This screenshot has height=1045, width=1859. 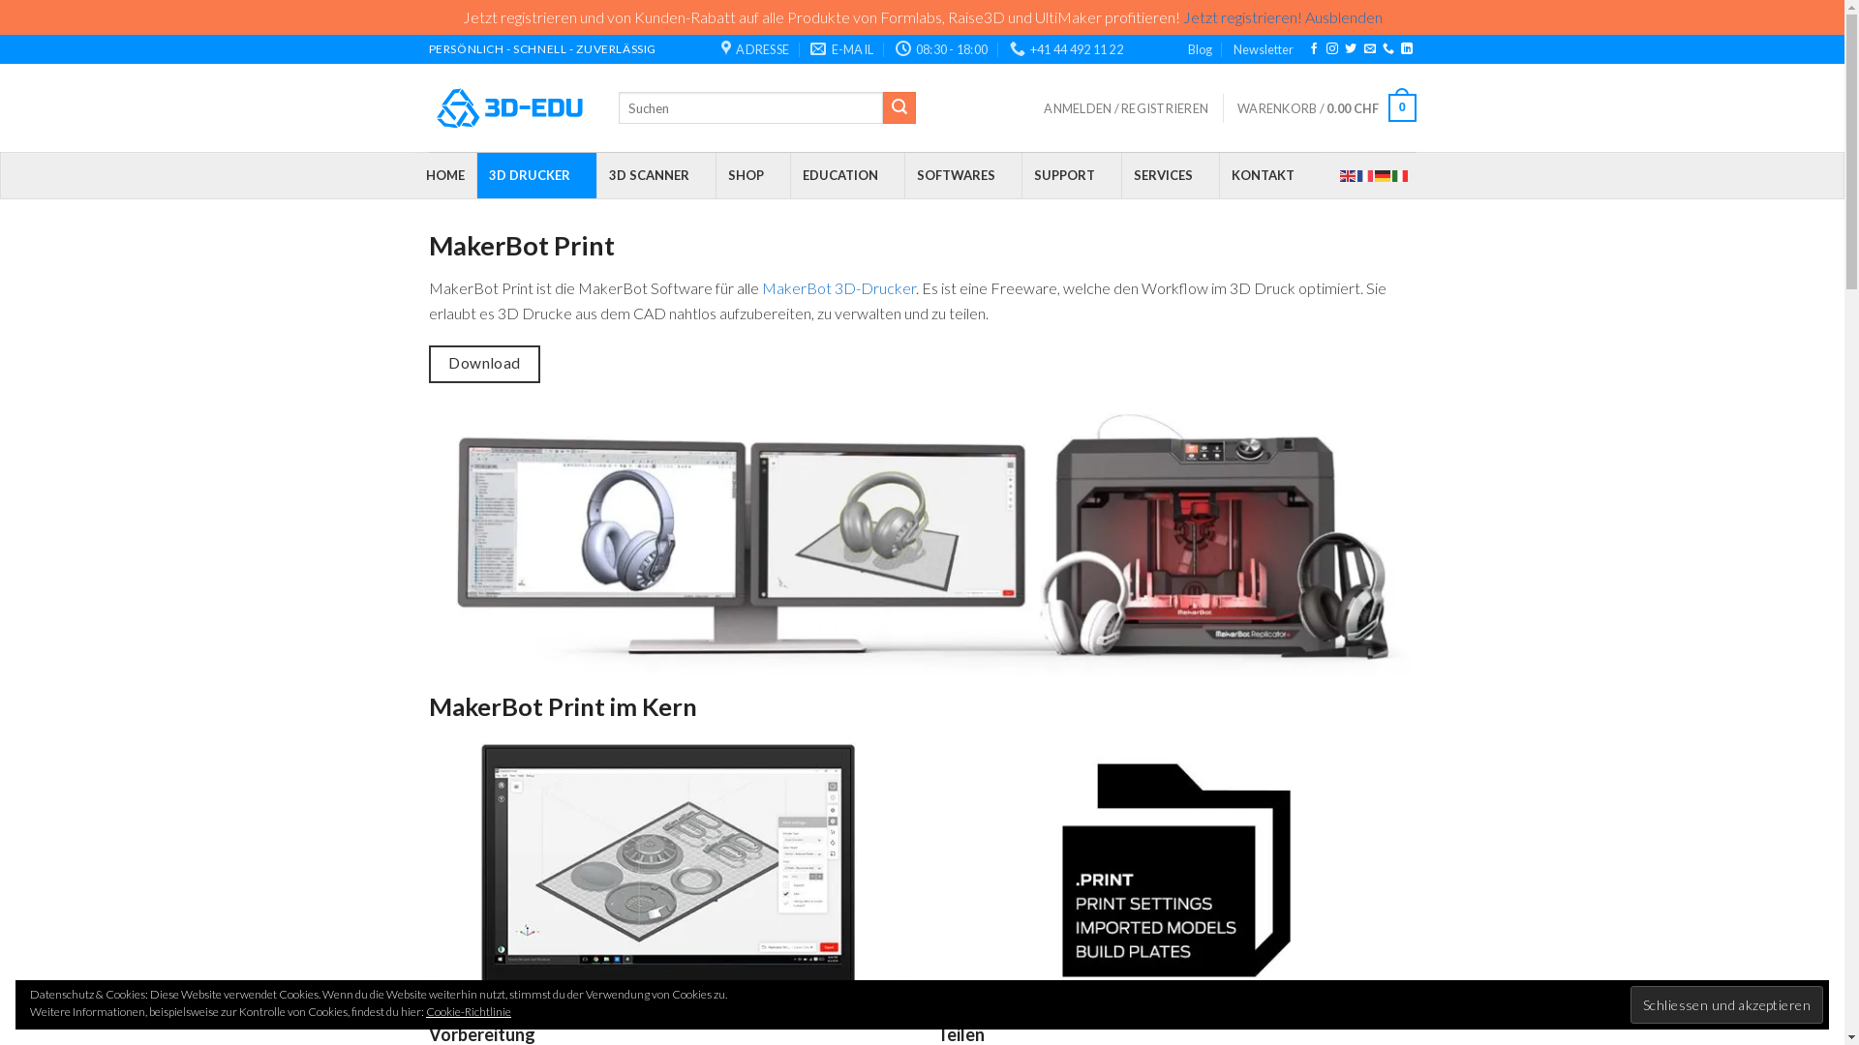 I want to click on 'Schliessen und akzeptieren', so click(x=1726, y=1003).